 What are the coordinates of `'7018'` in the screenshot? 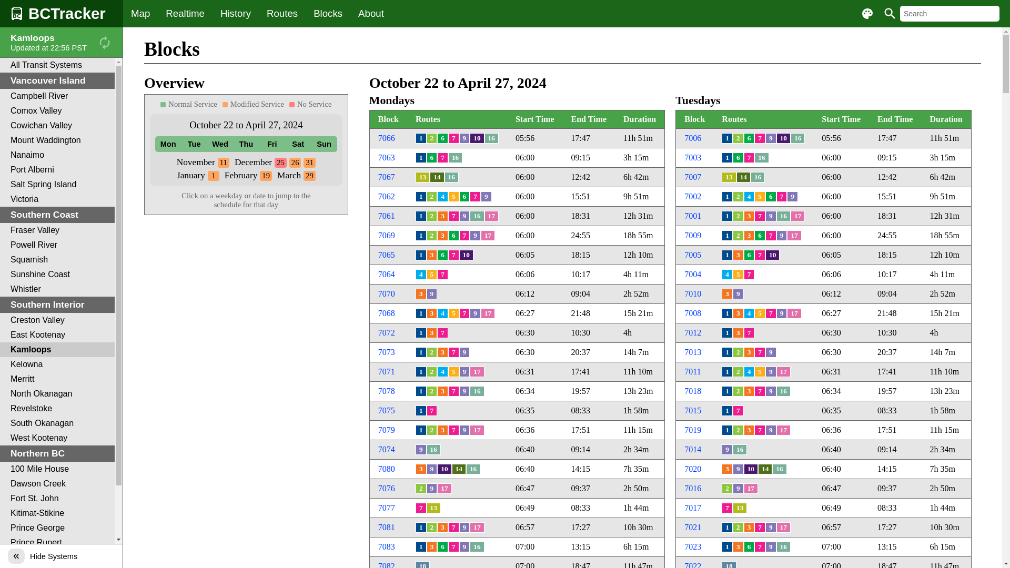 It's located at (692, 391).